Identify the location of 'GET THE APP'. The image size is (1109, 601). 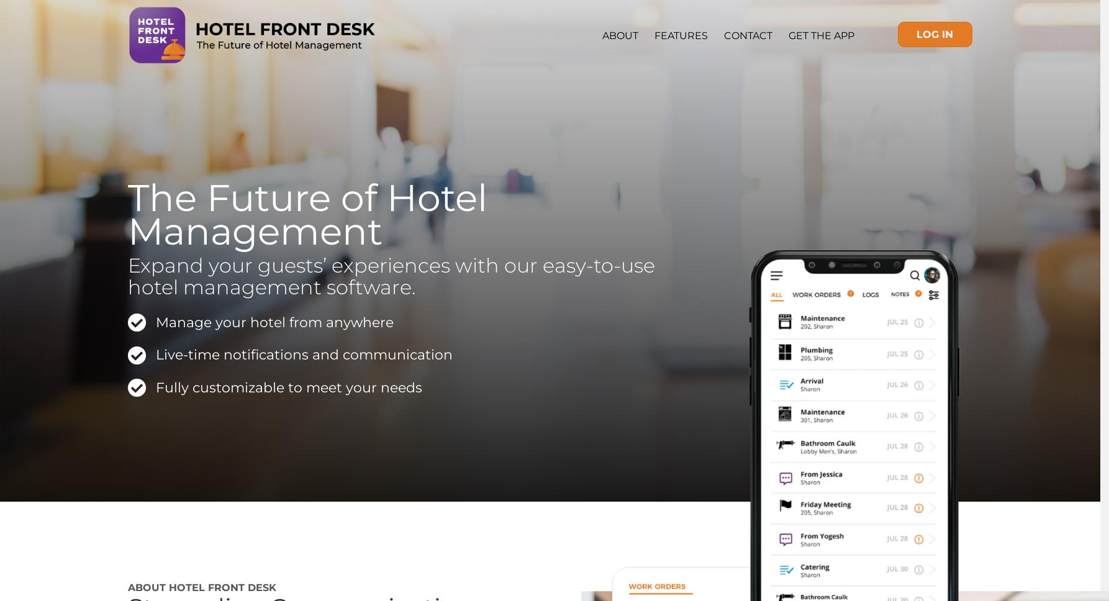
(820, 35).